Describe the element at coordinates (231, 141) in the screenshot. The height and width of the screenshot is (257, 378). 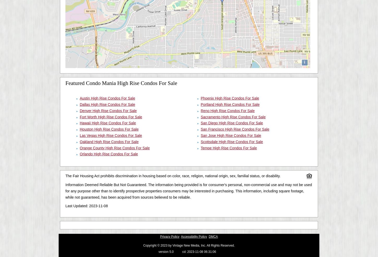
I see `'Scottsdale High Rise Condos For Sale'` at that location.